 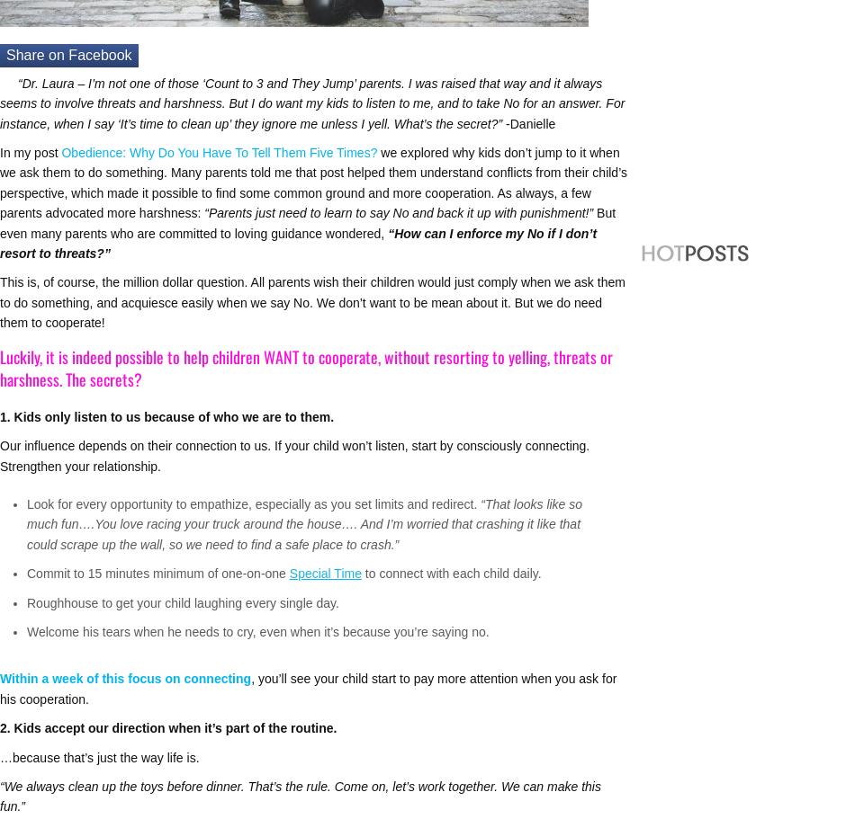 I want to click on '“How can I enforce my No if I don’t resort to threats?”', so click(x=297, y=242).